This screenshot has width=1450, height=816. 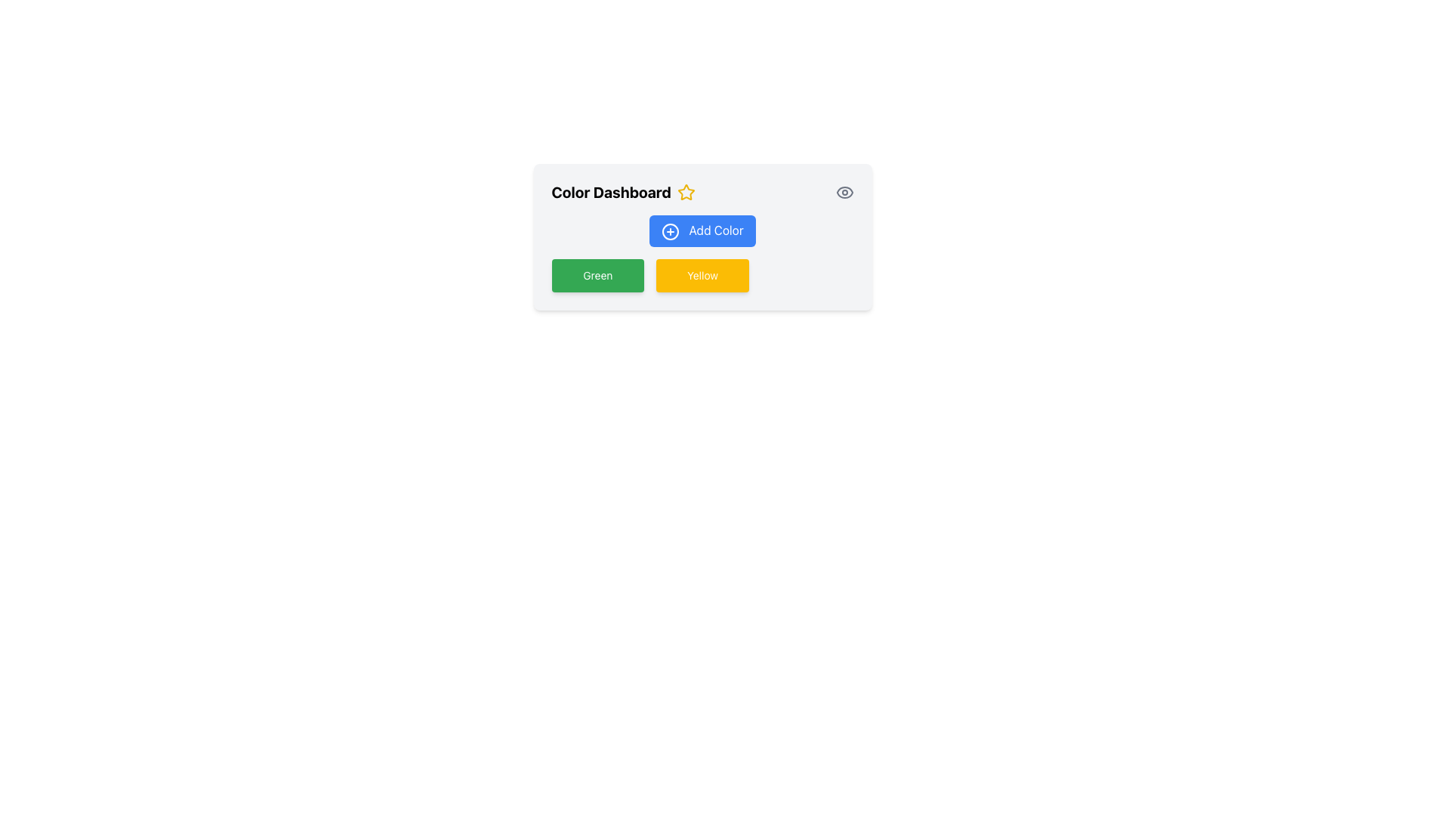 I want to click on the small gray eye icon located in the top right corner of the 'Color Dashboard' section, so click(x=844, y=191).